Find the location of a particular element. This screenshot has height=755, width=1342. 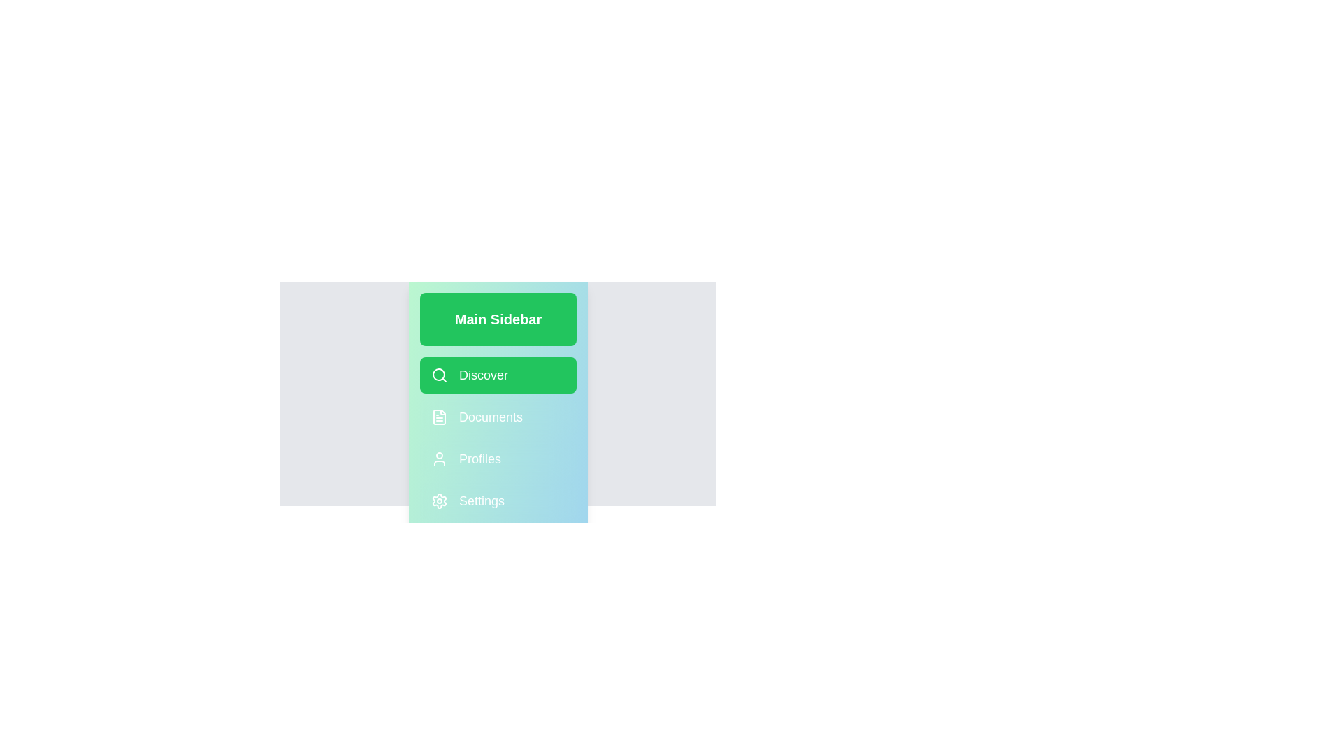

the 'Profiles' icon located in the sidebar menu, which visually represents the 'Profiles' section and is positioned to the left of the text 'Profiles' is located at coordinates (438, 459).